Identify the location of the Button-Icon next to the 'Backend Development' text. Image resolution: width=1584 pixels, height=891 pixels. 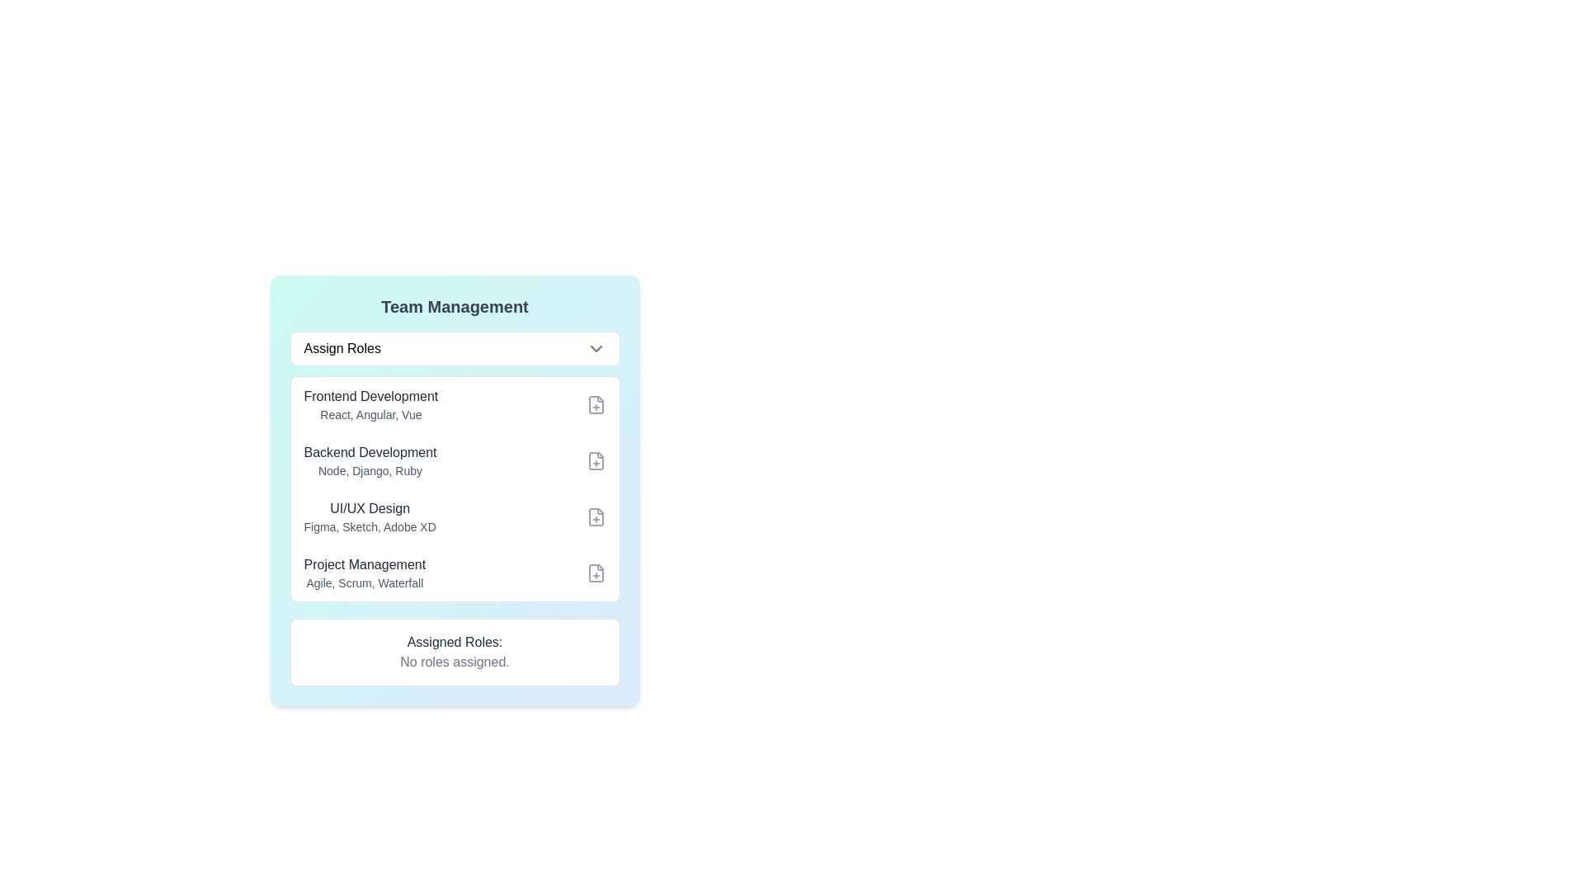
(595, 461).